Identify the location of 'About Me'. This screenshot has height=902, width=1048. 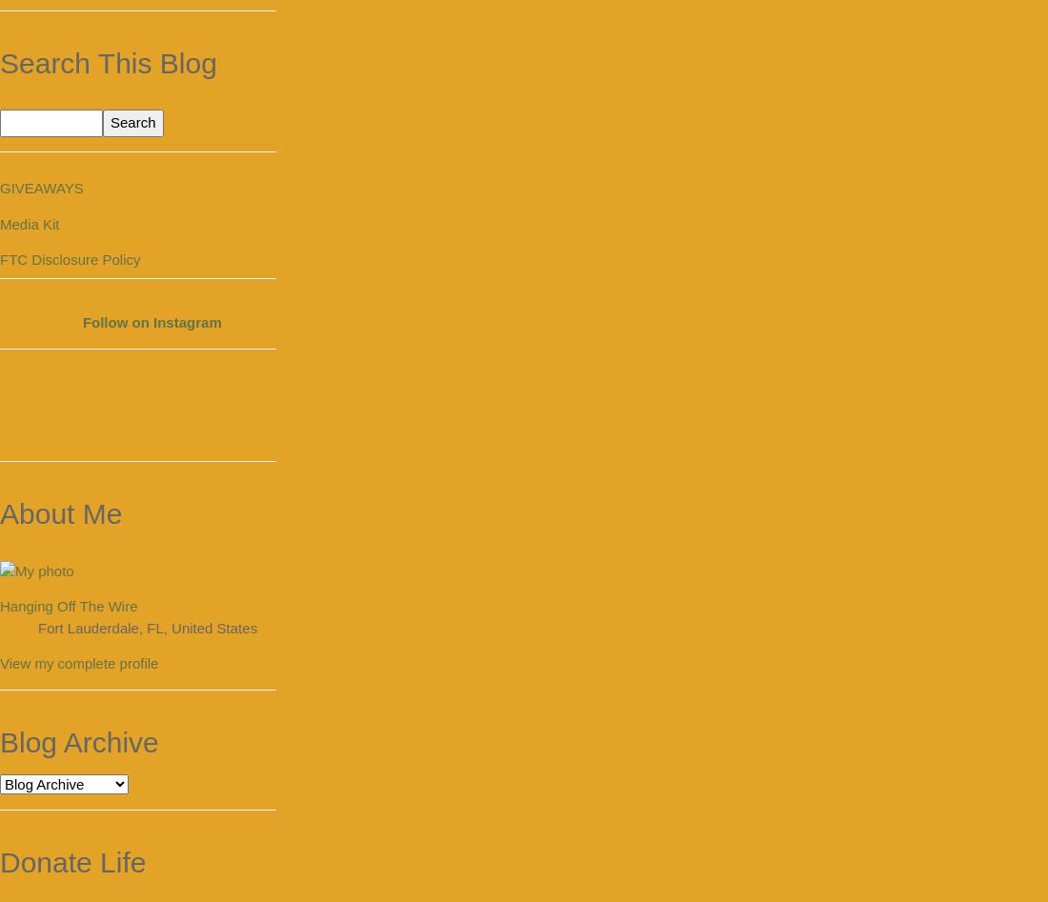
(60, 511).